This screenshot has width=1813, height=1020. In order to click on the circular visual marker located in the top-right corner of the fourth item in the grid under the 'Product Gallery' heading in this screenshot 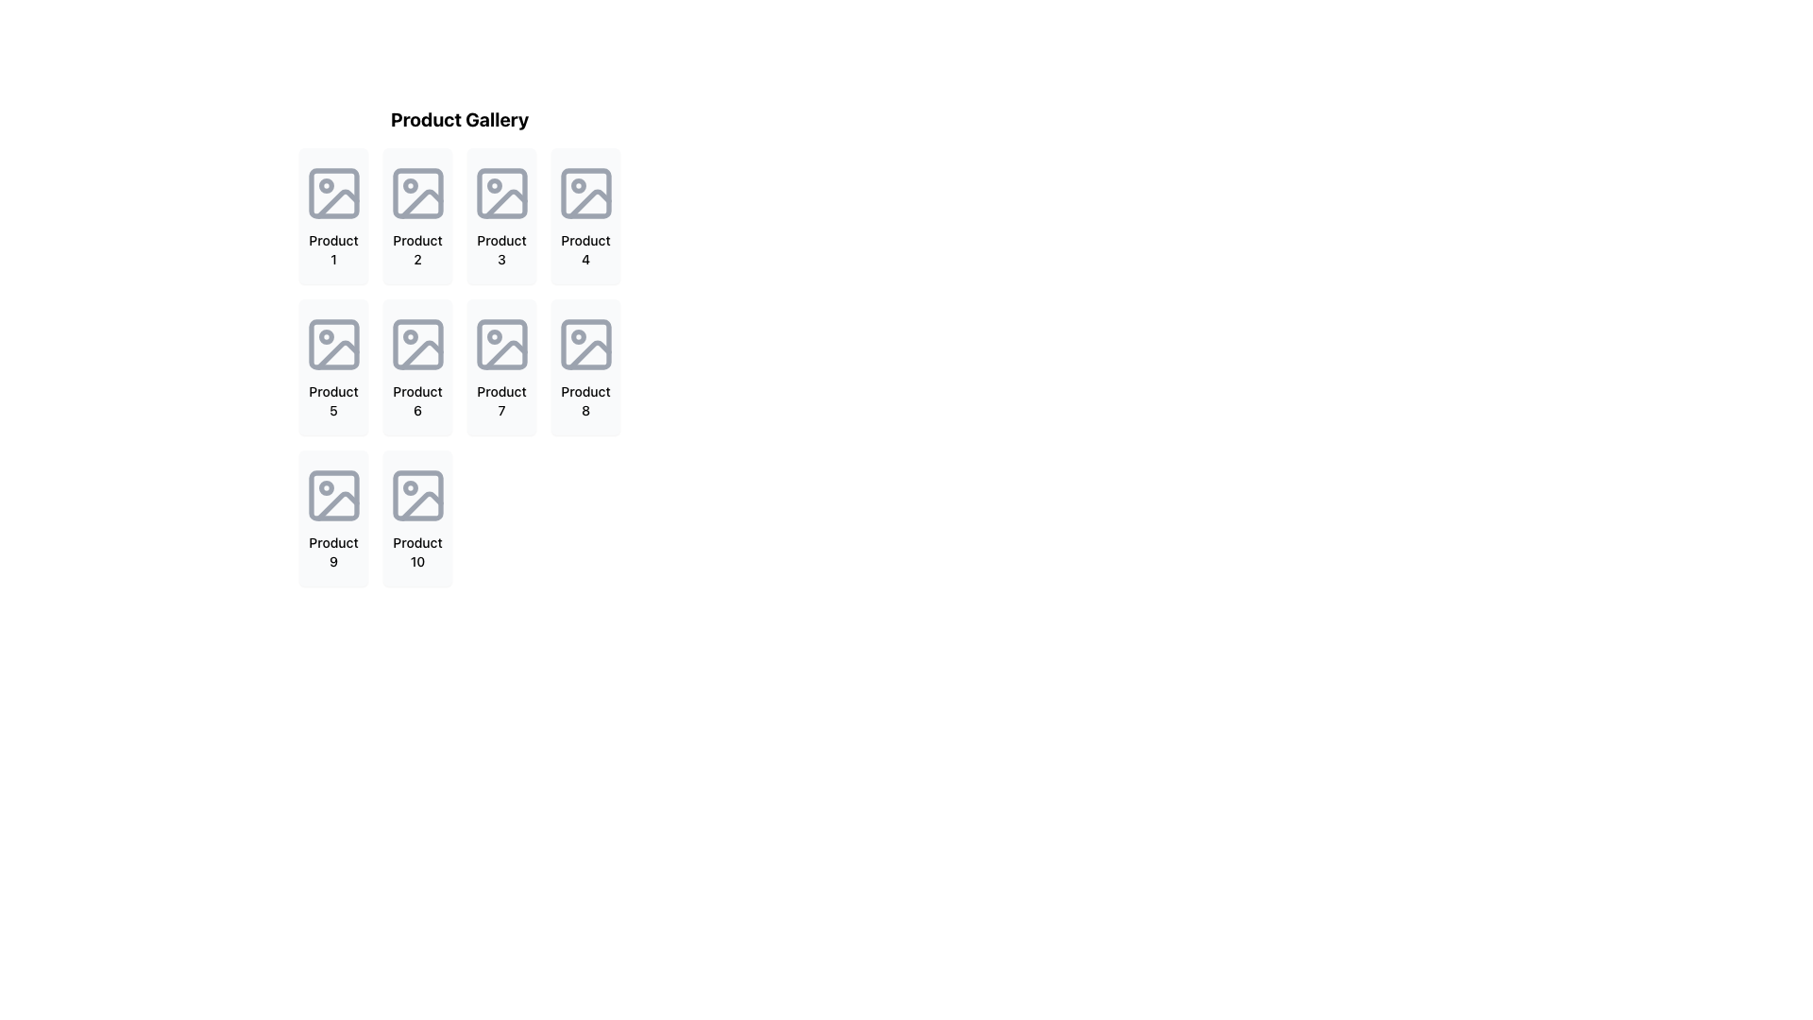, I will do `click(577, 185)`.